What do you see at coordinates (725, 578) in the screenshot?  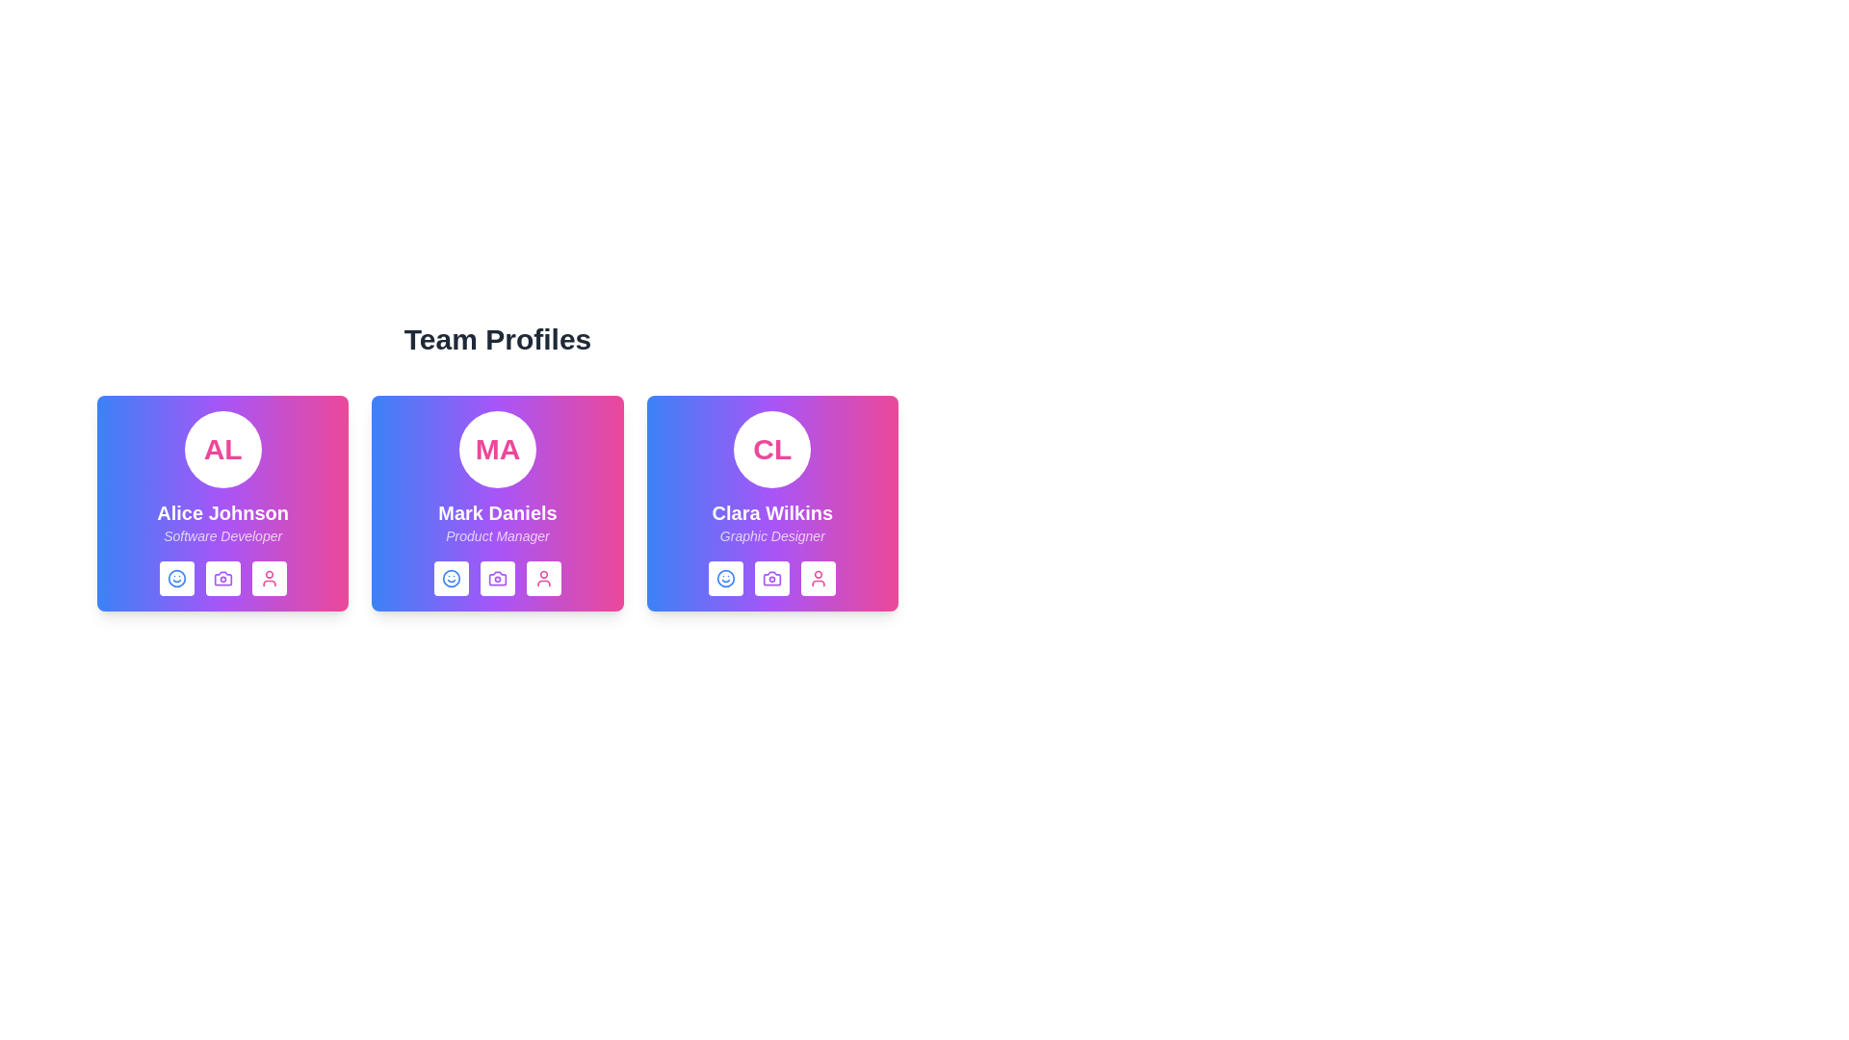 I see `the first button in the group located in the card for Clara Wilkins, which triggers an action related to expressing an emoji or sentiment` at bounding box center [725, 578].